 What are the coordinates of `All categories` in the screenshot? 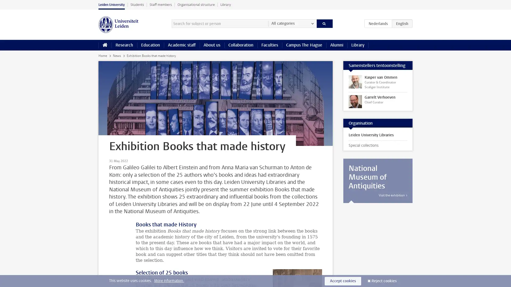 It's located at (292, 23).